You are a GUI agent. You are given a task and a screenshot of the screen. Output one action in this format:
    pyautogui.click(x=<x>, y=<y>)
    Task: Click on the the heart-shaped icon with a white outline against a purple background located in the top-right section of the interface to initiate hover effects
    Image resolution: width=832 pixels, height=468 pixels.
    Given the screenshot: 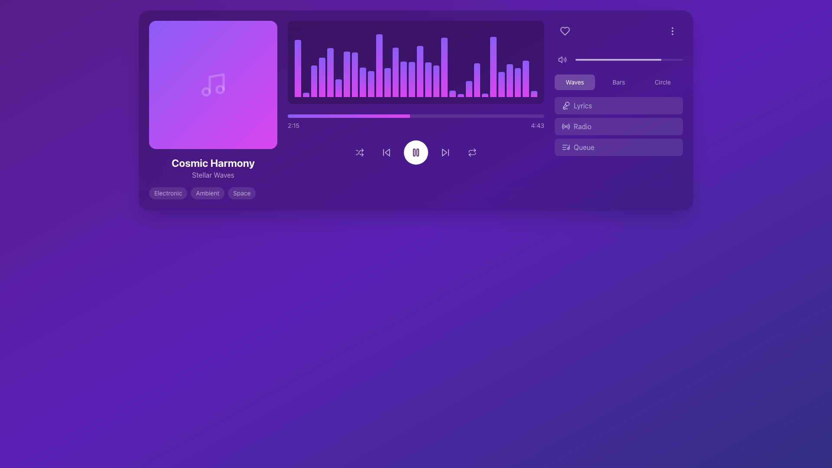 What is the action you would take?
    pyautogui.click(x=565, y=31)
    